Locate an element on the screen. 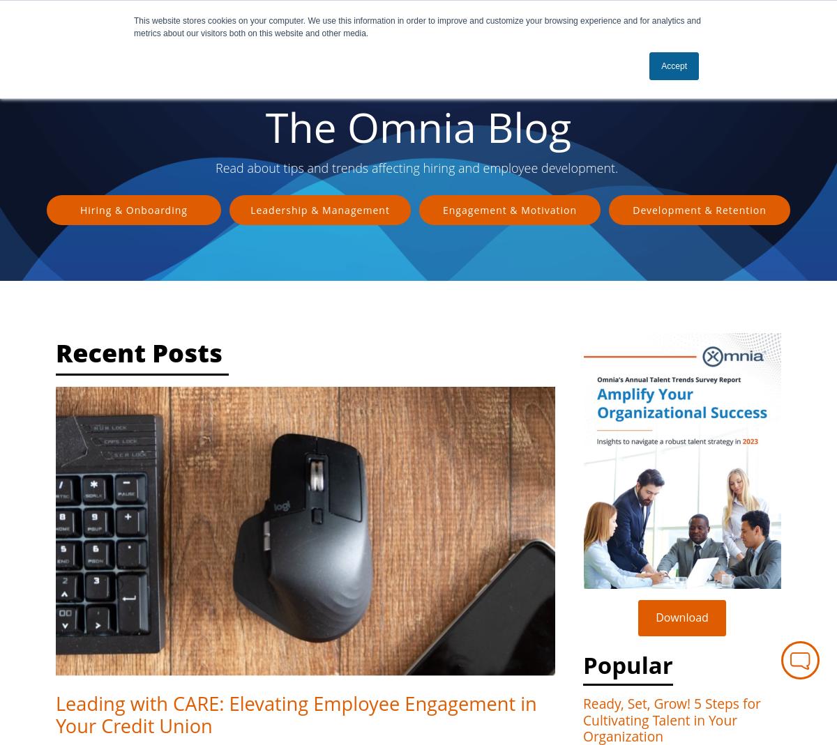 The image size is (837, 745). 'Leading with CARE: Elevating Employee Engagement in Your Credit Union' is located at coordinates (56, 714).